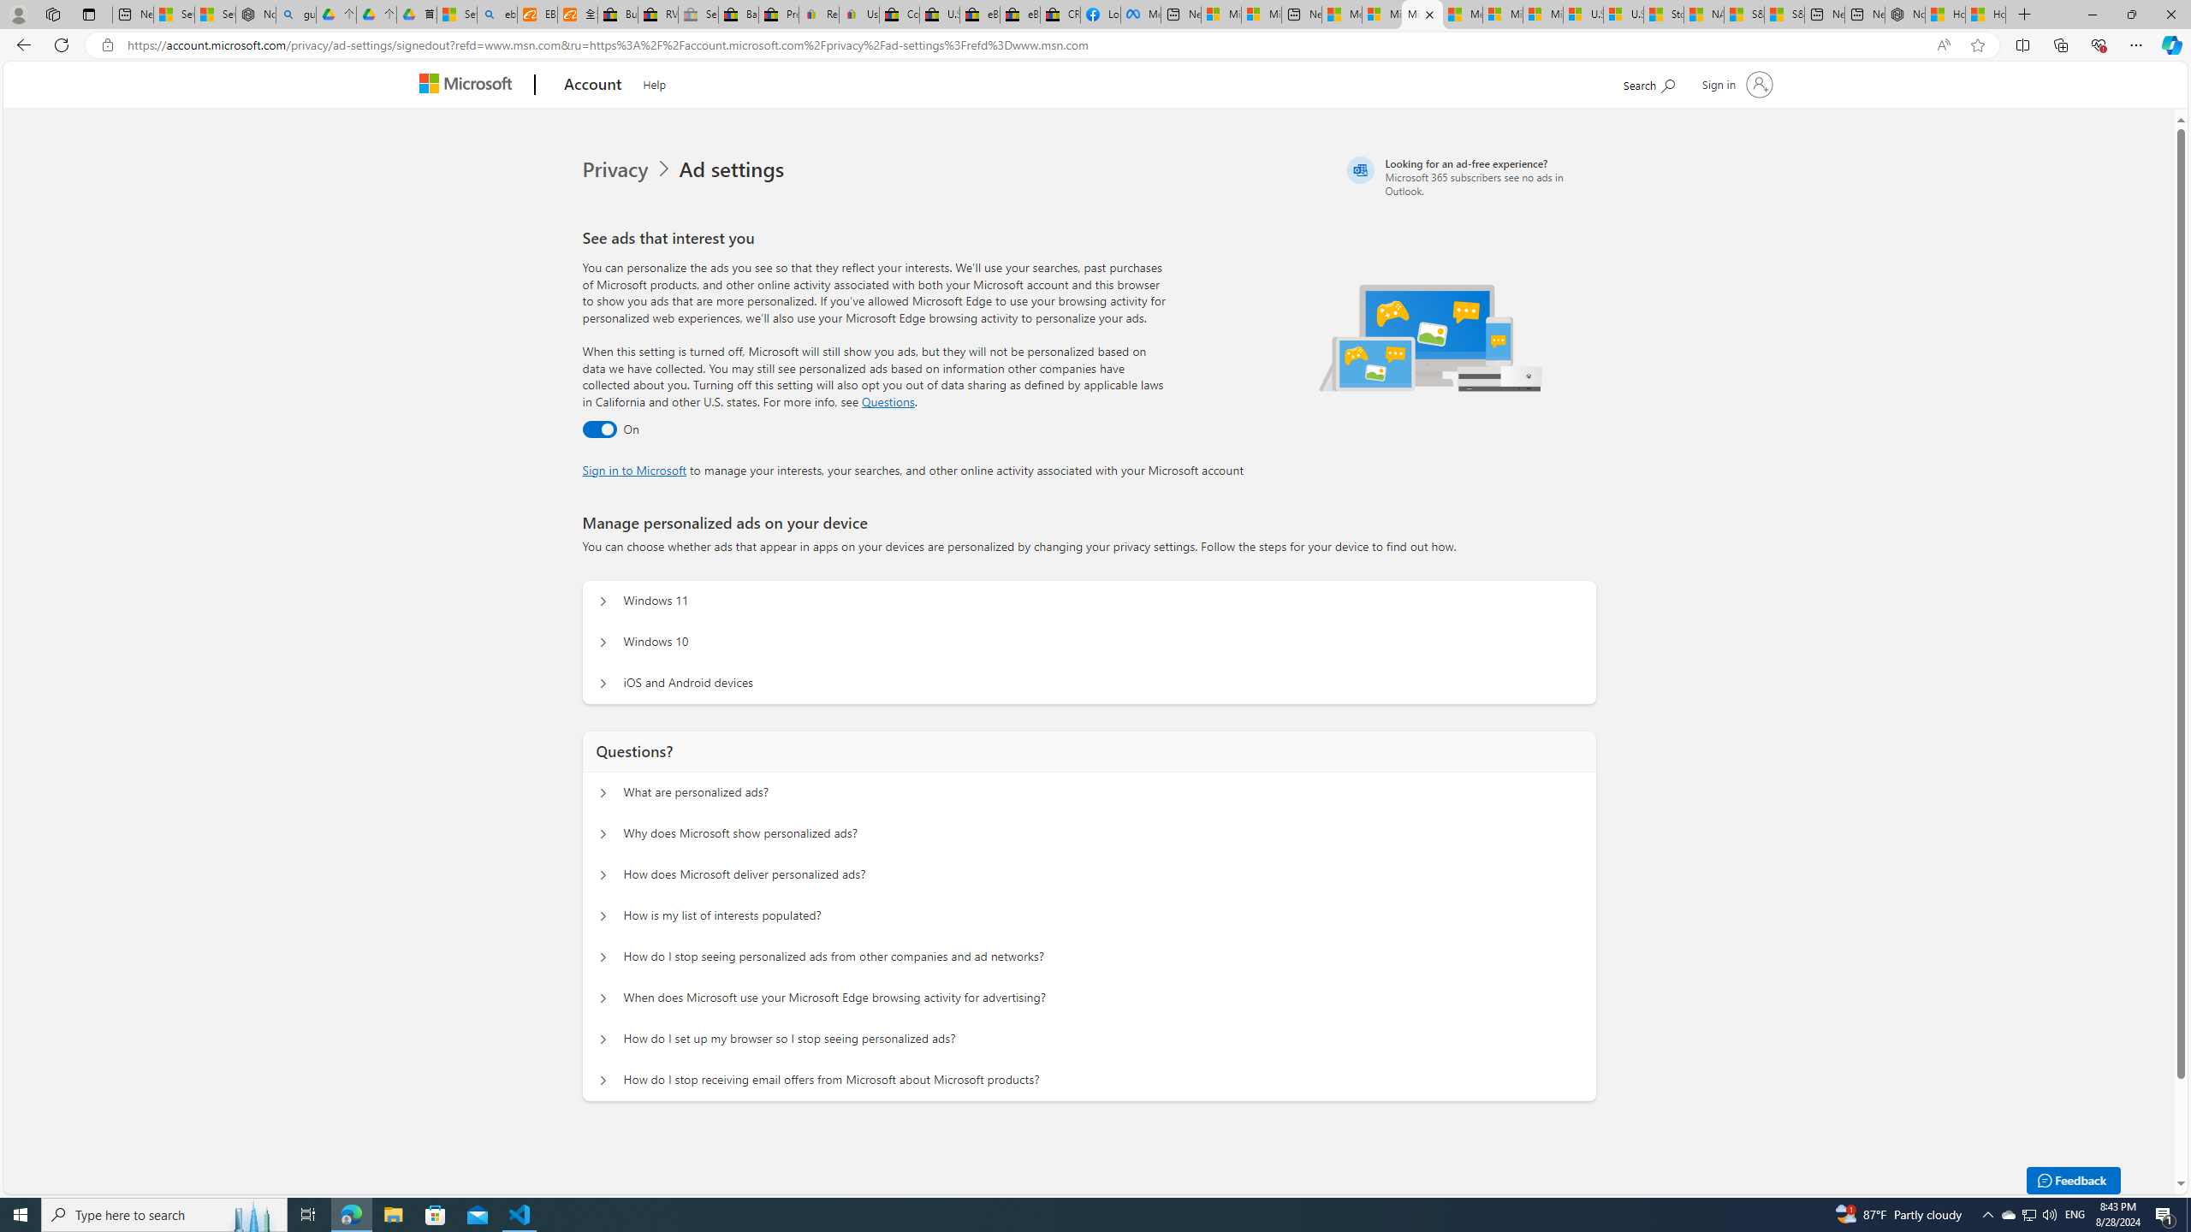 This screenshot has height=1232, width=2191. Describe the element at coordinates (495, 14) in the screenshot. I see `'ebay - Search'` at that location.